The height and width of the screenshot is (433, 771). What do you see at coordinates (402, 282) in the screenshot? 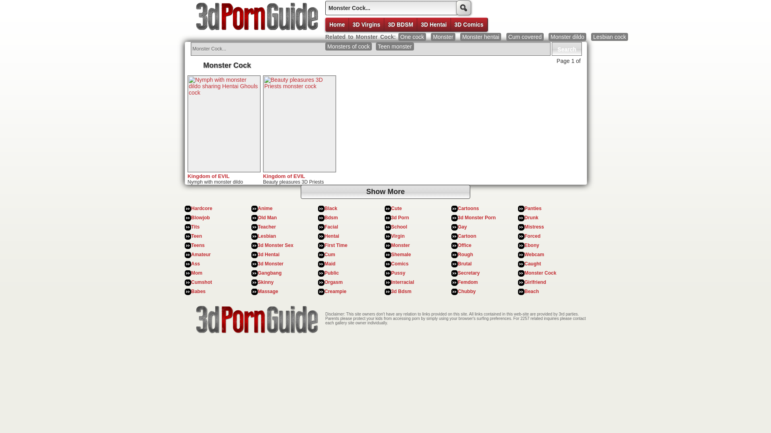
I see `'Interracial'` at bounding box center [402, 282].